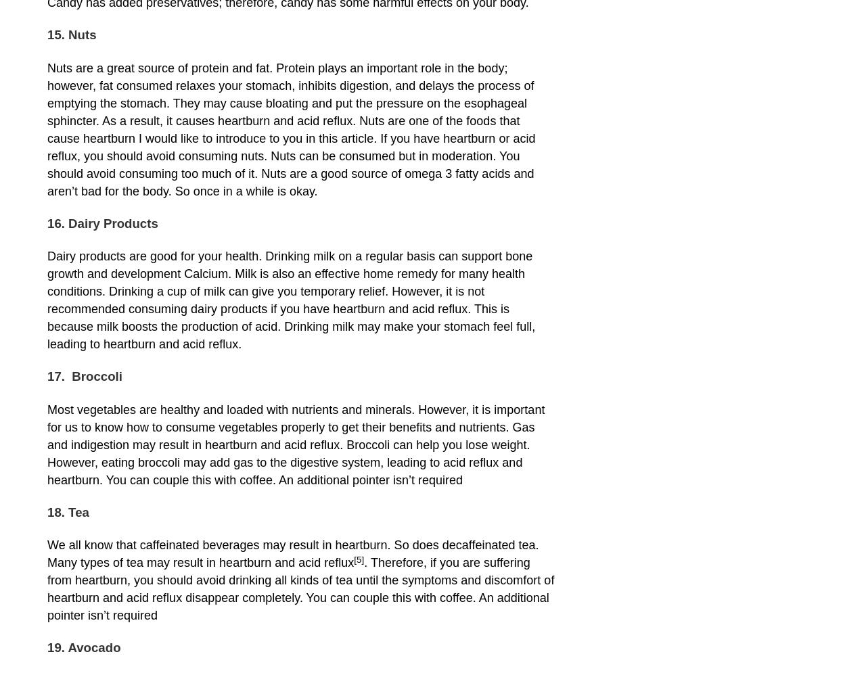 The height and width of the screenshot is (673, 866). Describe the element at coordinates (144, 427) in the screenshot. I see `'how to'` at that location.